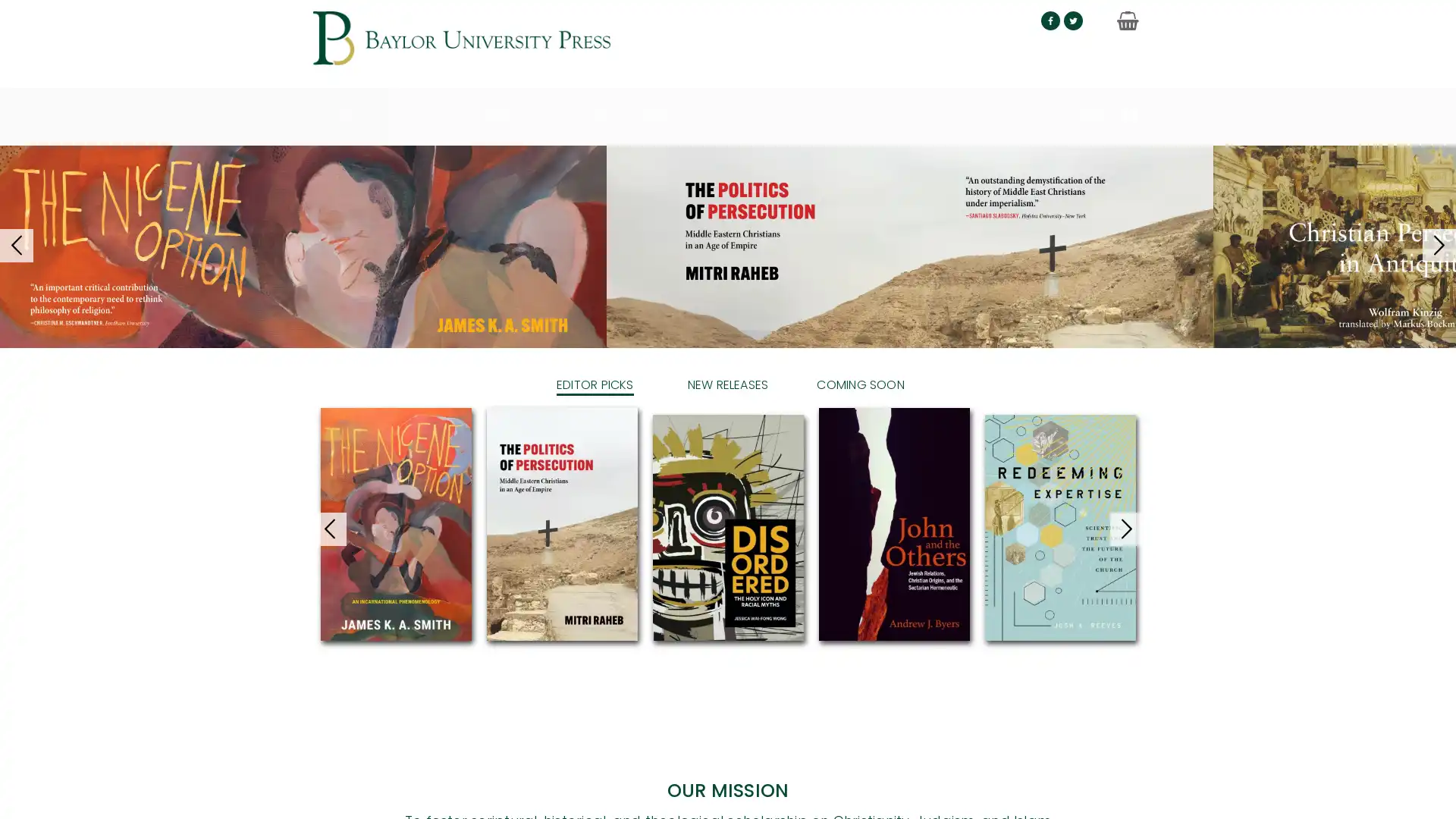 Image resolution: width=1456 pixels, height=819 pixels. I want to click on Previous, so click(298, 792).